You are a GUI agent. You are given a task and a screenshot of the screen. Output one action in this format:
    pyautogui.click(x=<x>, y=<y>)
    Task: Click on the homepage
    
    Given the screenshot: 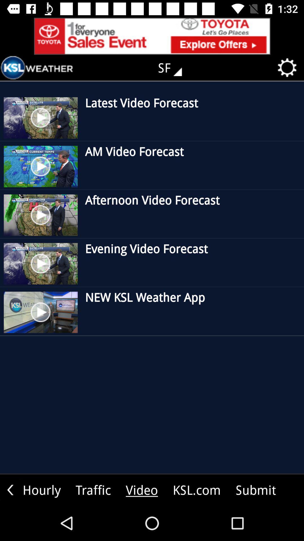 What is the action you would take?
    pyautogui.click(x=37, y=68)
    